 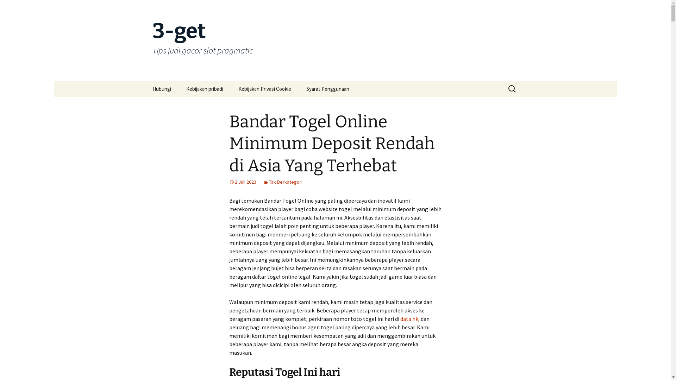 What do you see at coordinates (334, 40) in the screenshot?
I see `'3-get` at bounding box center [334, 40].